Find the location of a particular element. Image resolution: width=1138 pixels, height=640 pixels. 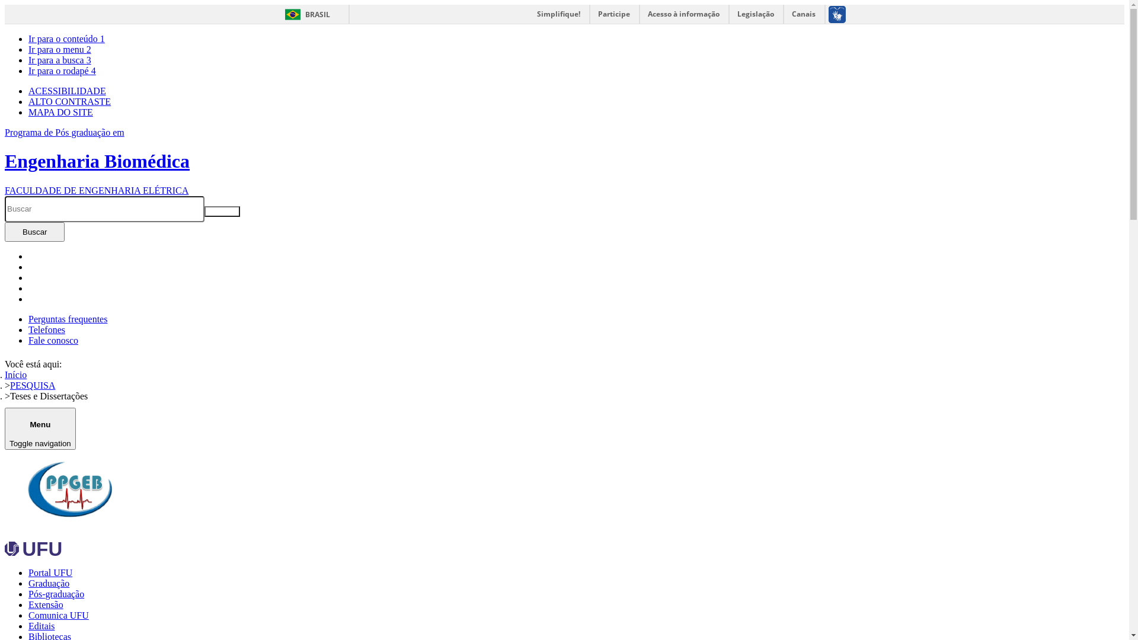

'ALTO CONTRASTE' is located at coordinates (69, 101).